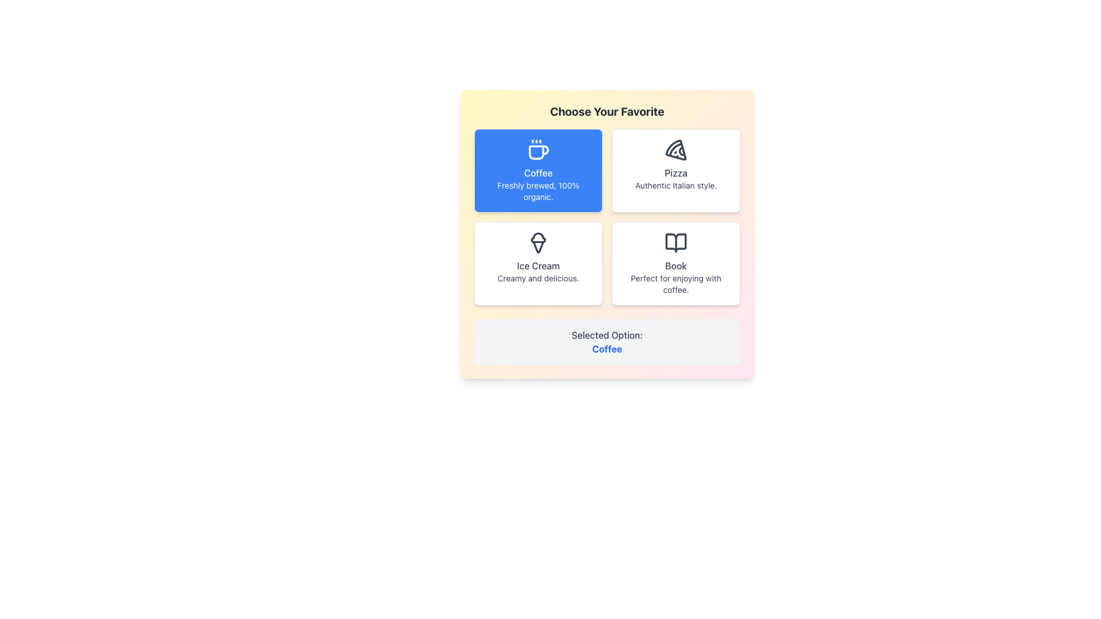  I want to click on the top segment of the ice cream cone icon located in the bottom-left corner of the grid layout, so click(538, 235).